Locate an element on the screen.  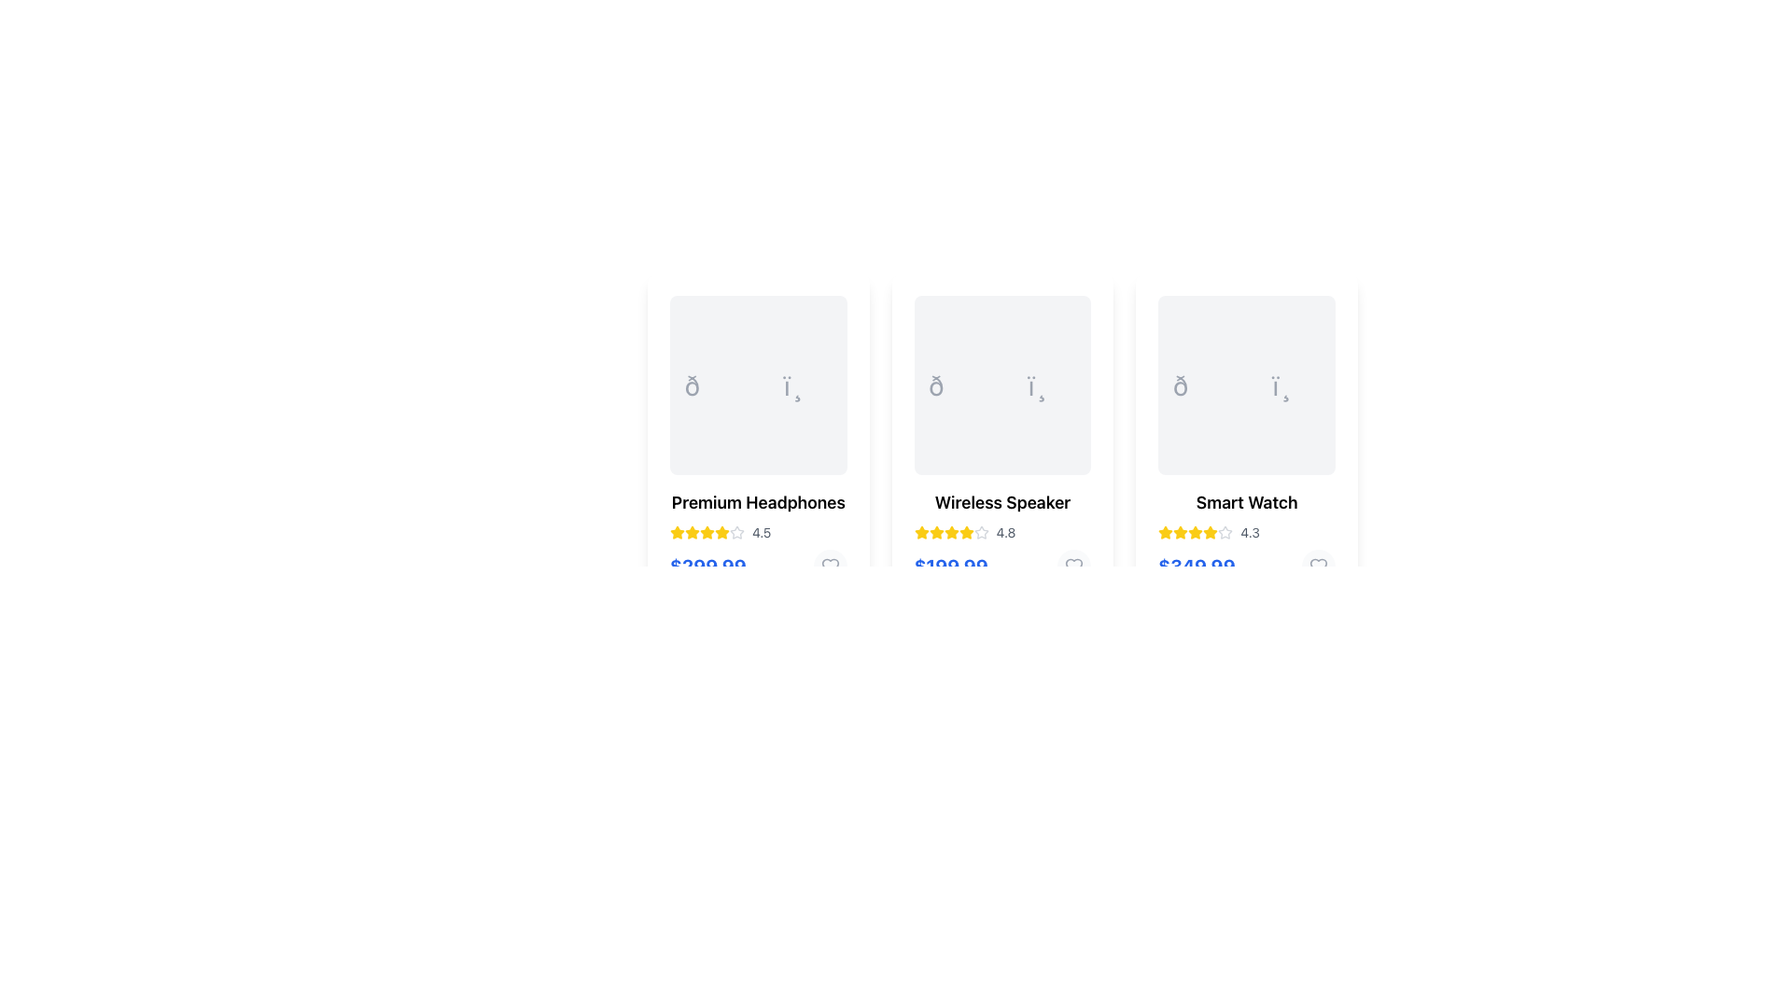
the prominent star icon located above the '4.3' rating text in the 'Smart Watch' card, which indicates the rating or popularity status of the item is located at coordinates (1180, 532).